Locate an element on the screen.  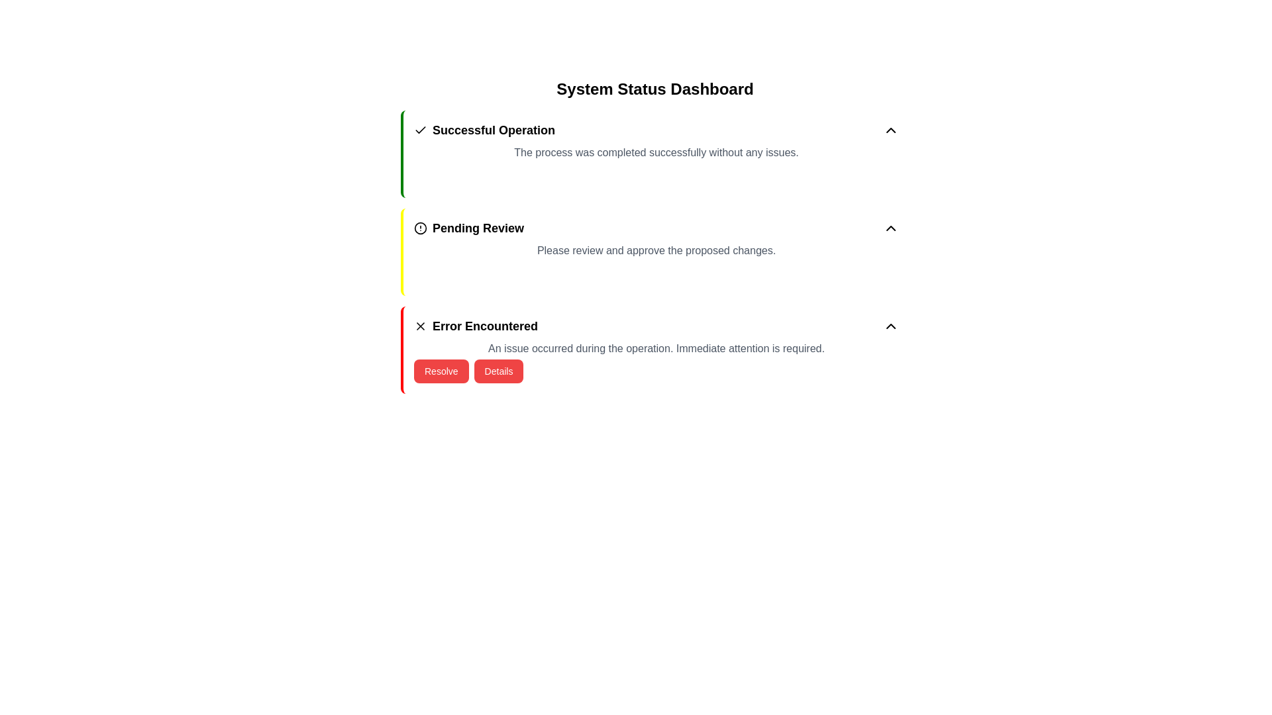
description from the 'Pending Review' informational panel, which is a rectangular section with a yellow border on the left and a white background, containing the title and description text is located at coordinates (655, 252).